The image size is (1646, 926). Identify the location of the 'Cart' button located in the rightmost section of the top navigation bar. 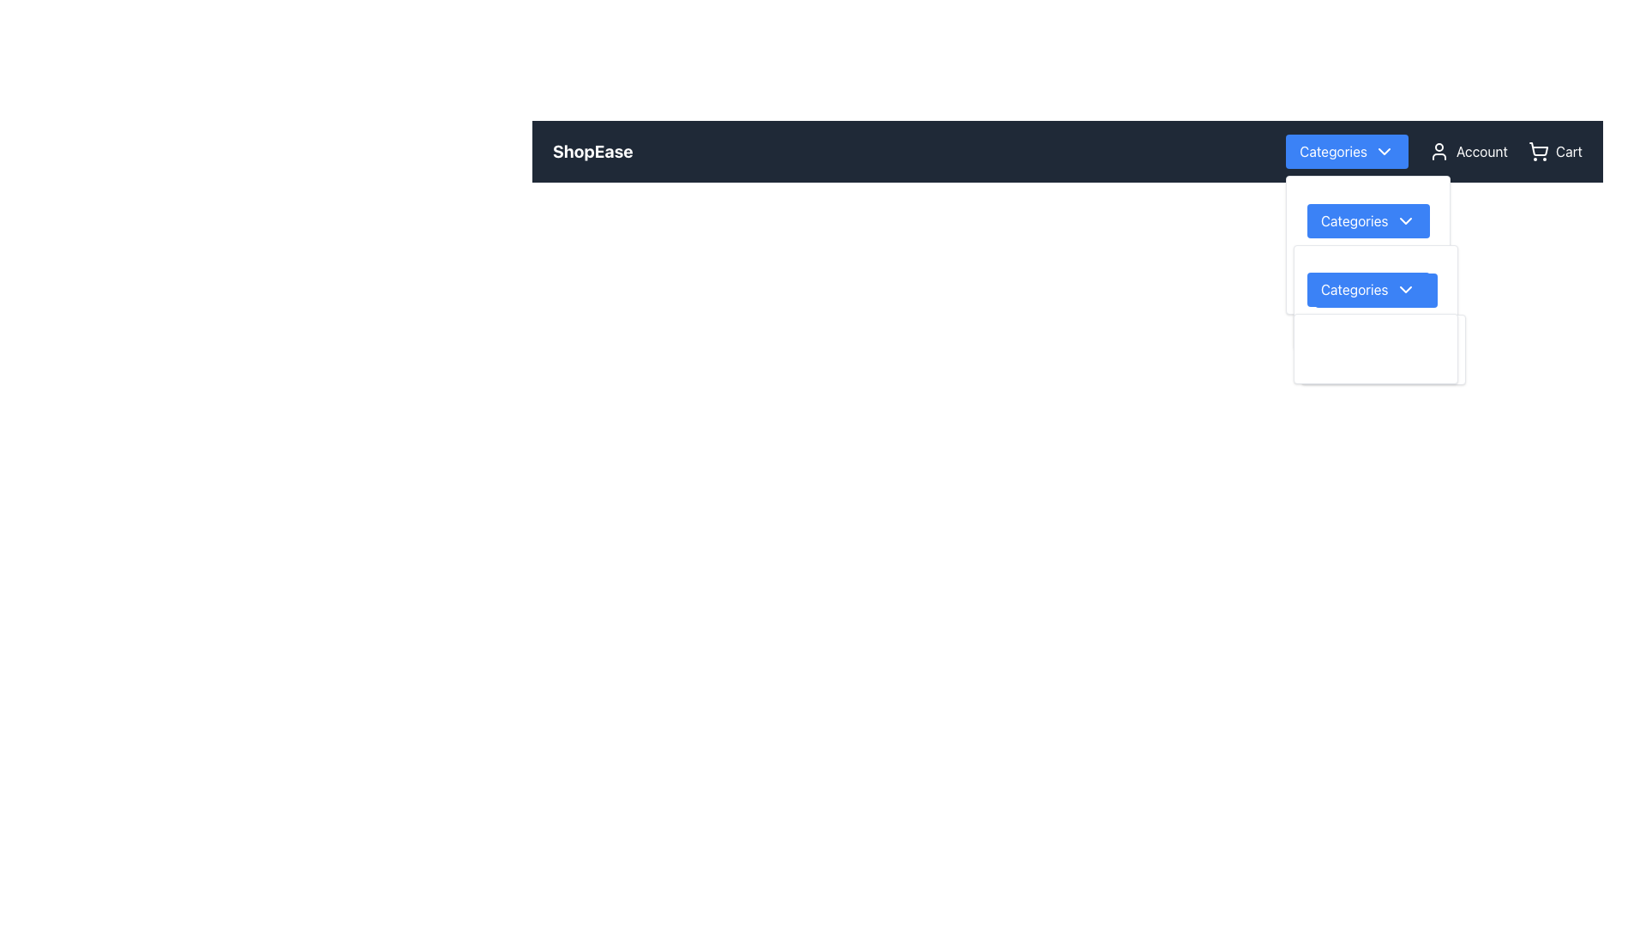
(1555, 151).